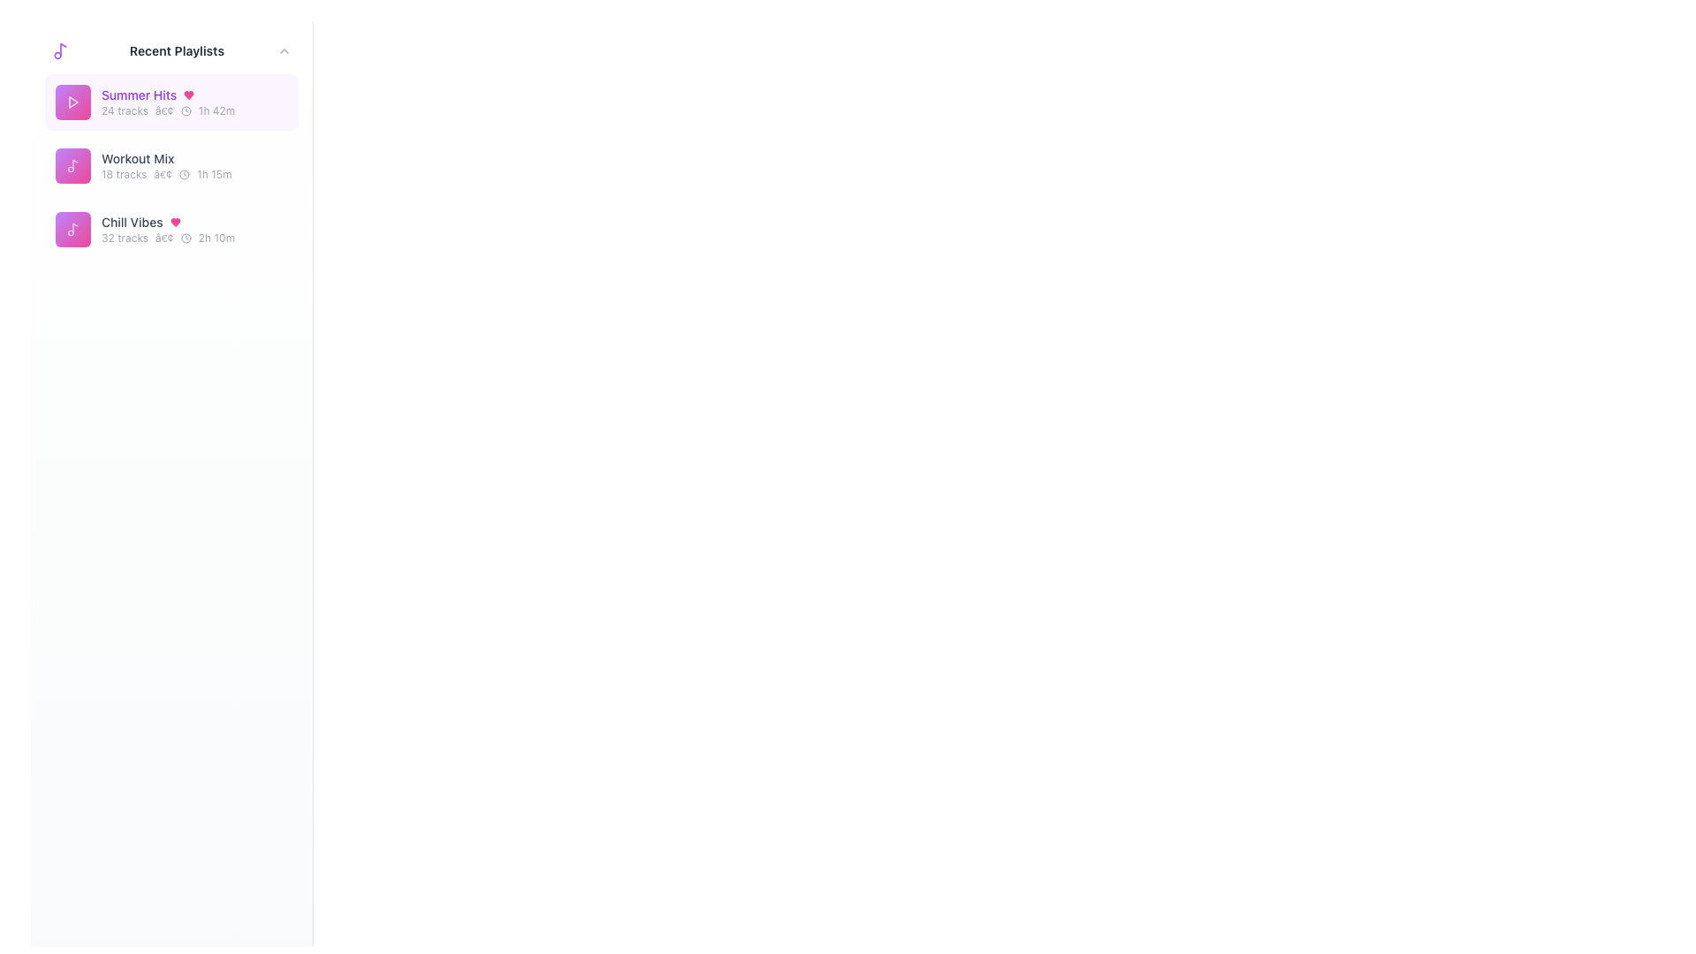  What do you see at coordinates (171, 166) in the screenshot?
I see `the 'Workout Mix' list item, which is the second item in the 'Recent Playlists' section` at bounding box center [171, 166].